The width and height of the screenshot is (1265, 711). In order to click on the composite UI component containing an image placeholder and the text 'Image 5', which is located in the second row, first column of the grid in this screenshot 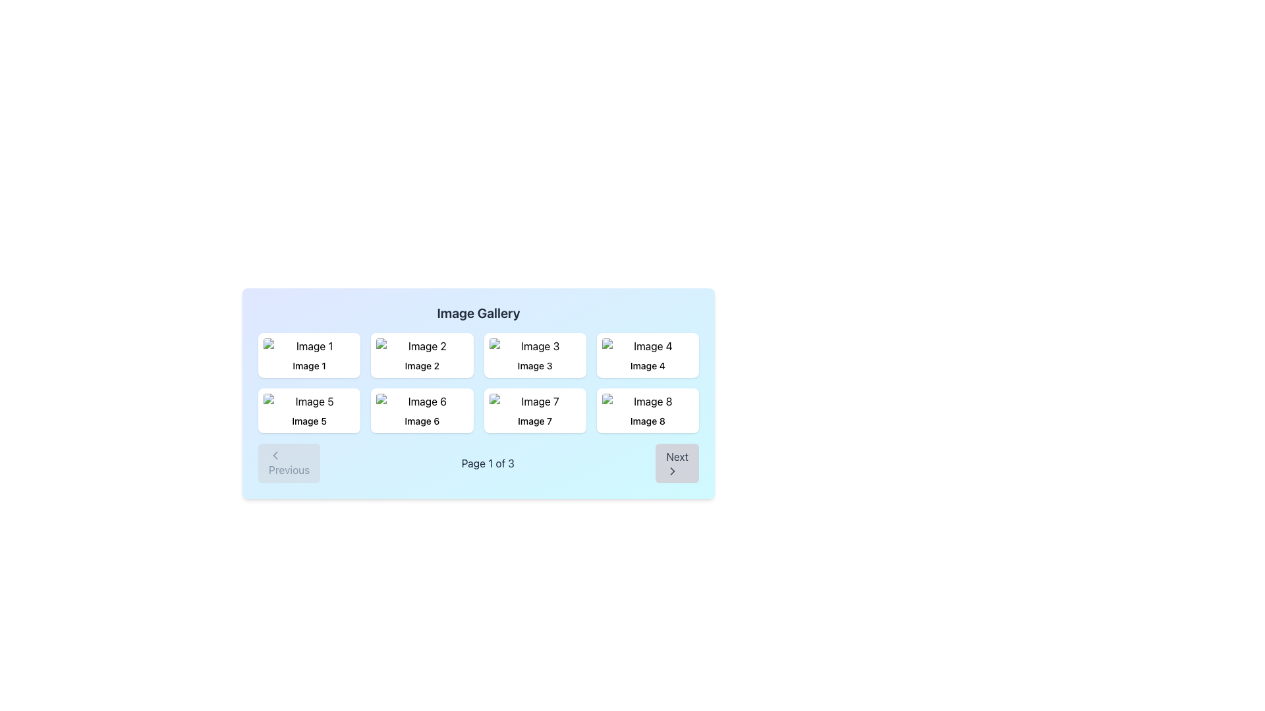, I will do `click(308, 410)`.